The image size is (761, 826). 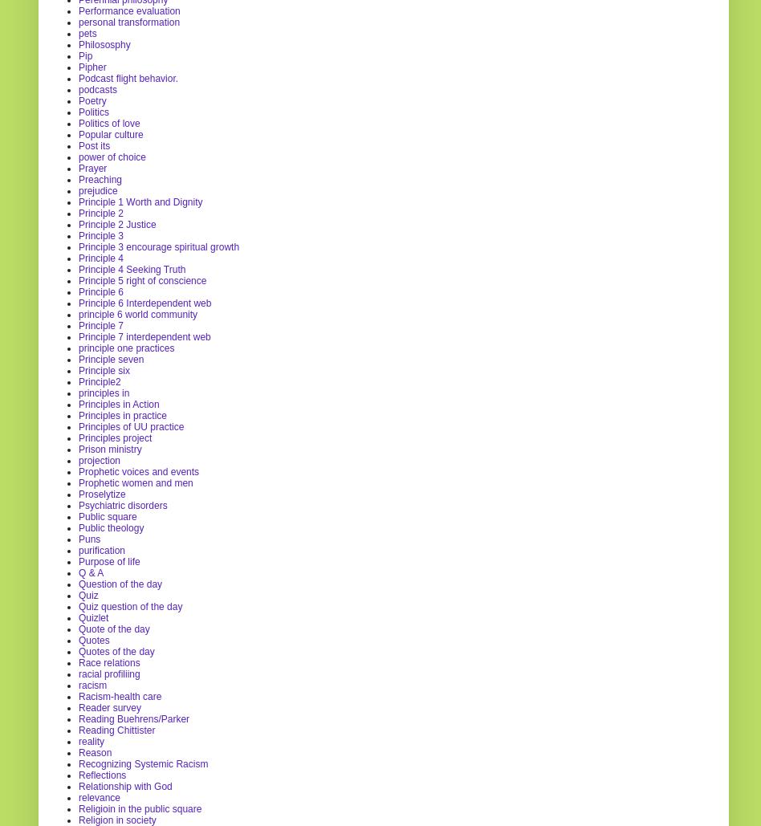 I want to click on 'projection', so click(x=79, y=459).